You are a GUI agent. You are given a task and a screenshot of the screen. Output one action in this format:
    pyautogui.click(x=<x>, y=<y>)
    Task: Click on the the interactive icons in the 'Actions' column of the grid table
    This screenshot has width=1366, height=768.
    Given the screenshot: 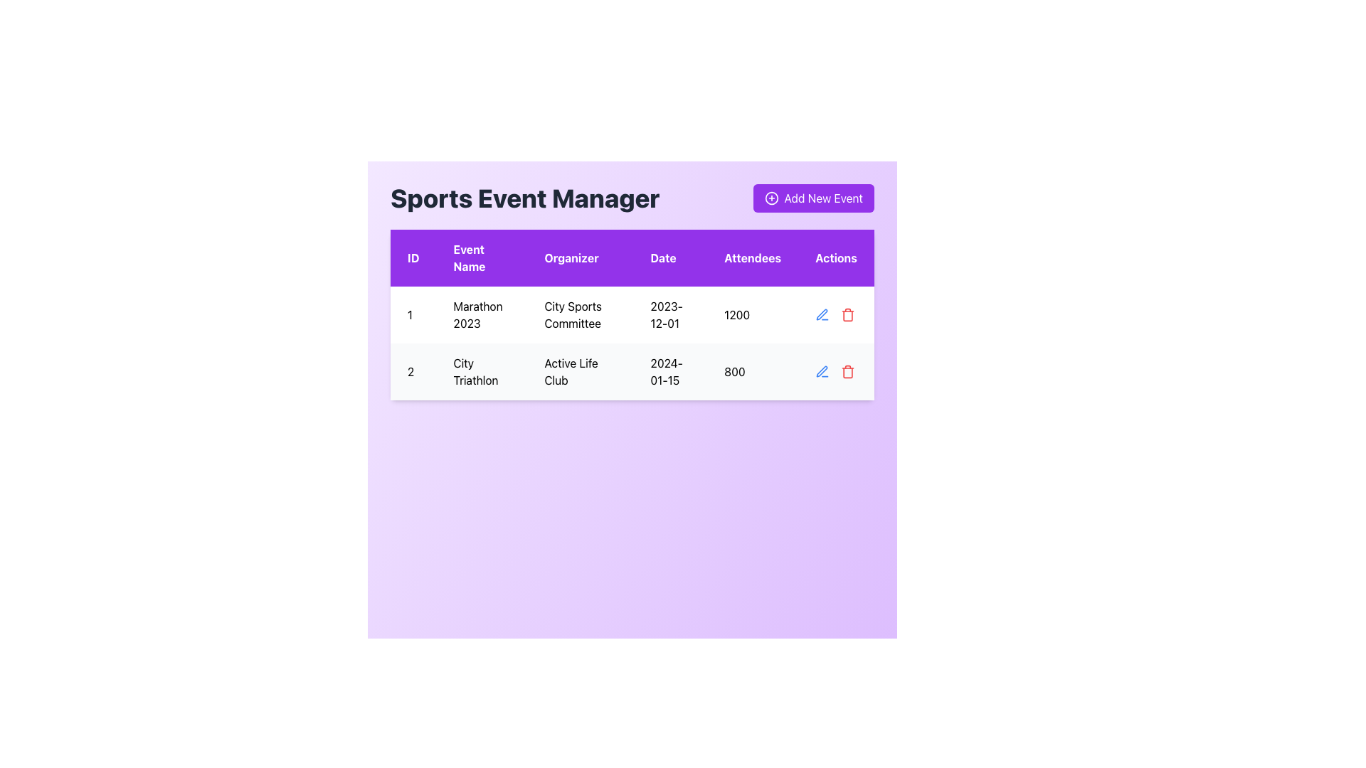 What is the action you would take?
    pyautogui.click(x=836, y=314)
    